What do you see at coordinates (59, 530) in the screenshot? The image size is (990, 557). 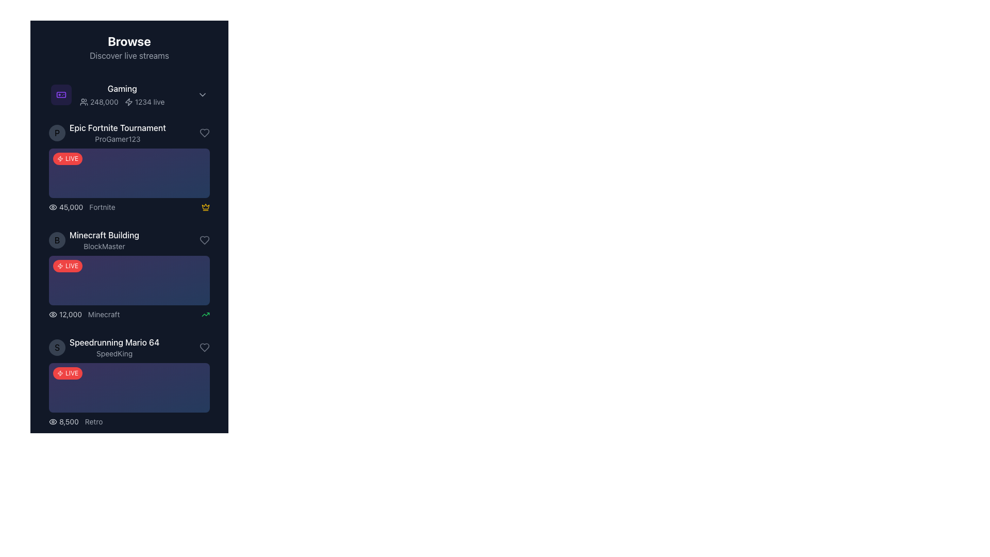 I see `the 'LIVE' status icon that is part of a rounded rectangular badge with a red background, indicating real-time streaming for 'Speedrunning Mario 64'` at bounding box center [59, 530].